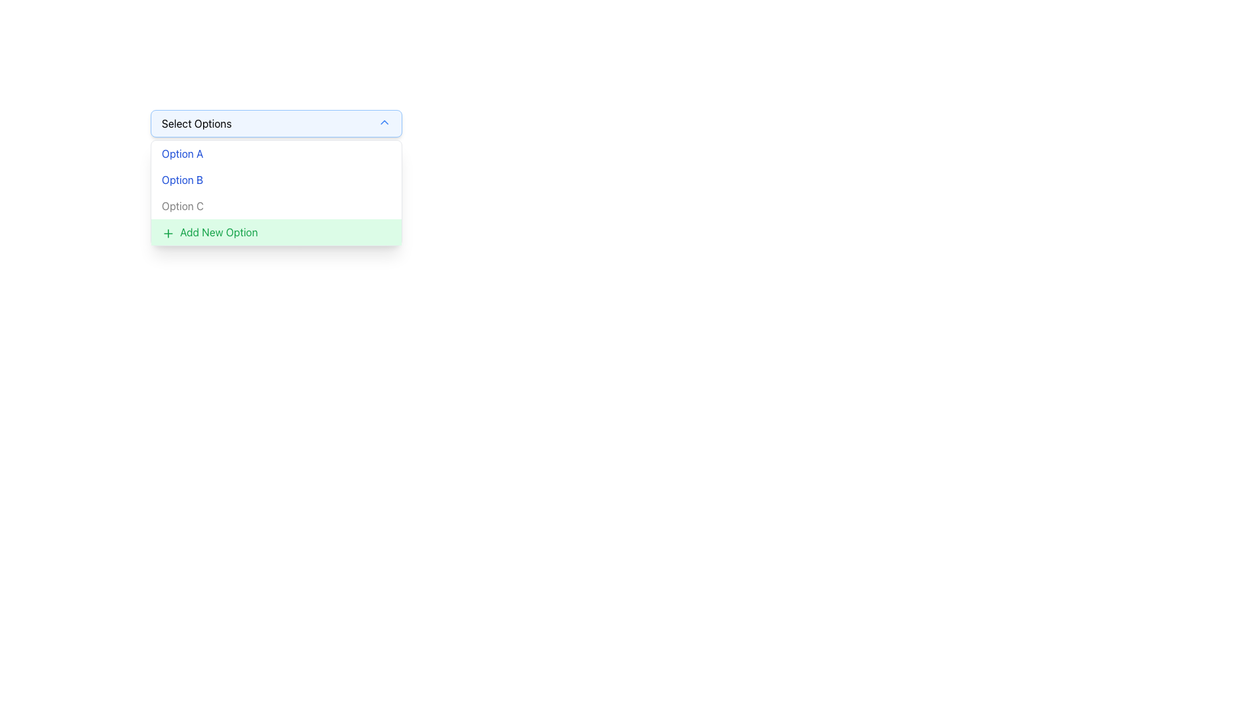  I want to click on the second option in the dropdown menu, which is located below 'Option A' and above 'Option C', so click(276, 179).